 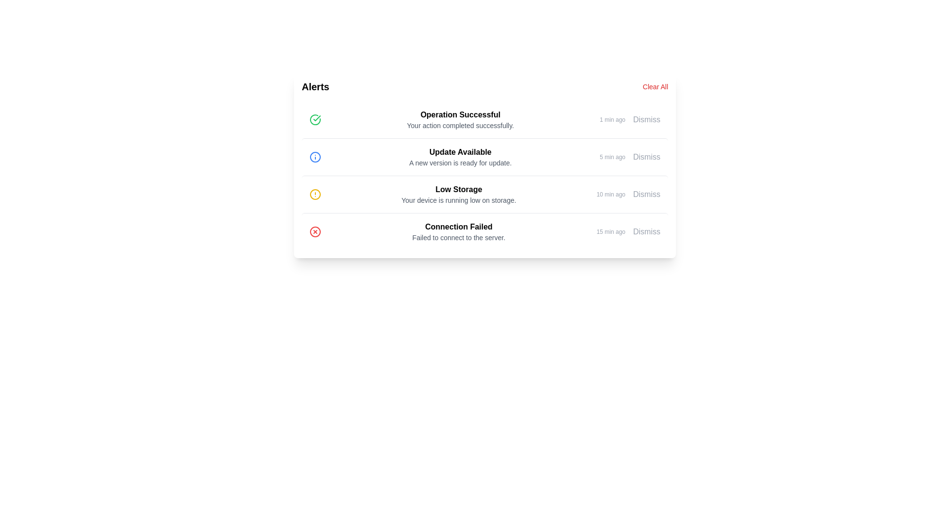 I want to click on the green checkmark SVG icon located to the left of the first alert row in the 'Alerts' panel, so click(x=317, y=117).